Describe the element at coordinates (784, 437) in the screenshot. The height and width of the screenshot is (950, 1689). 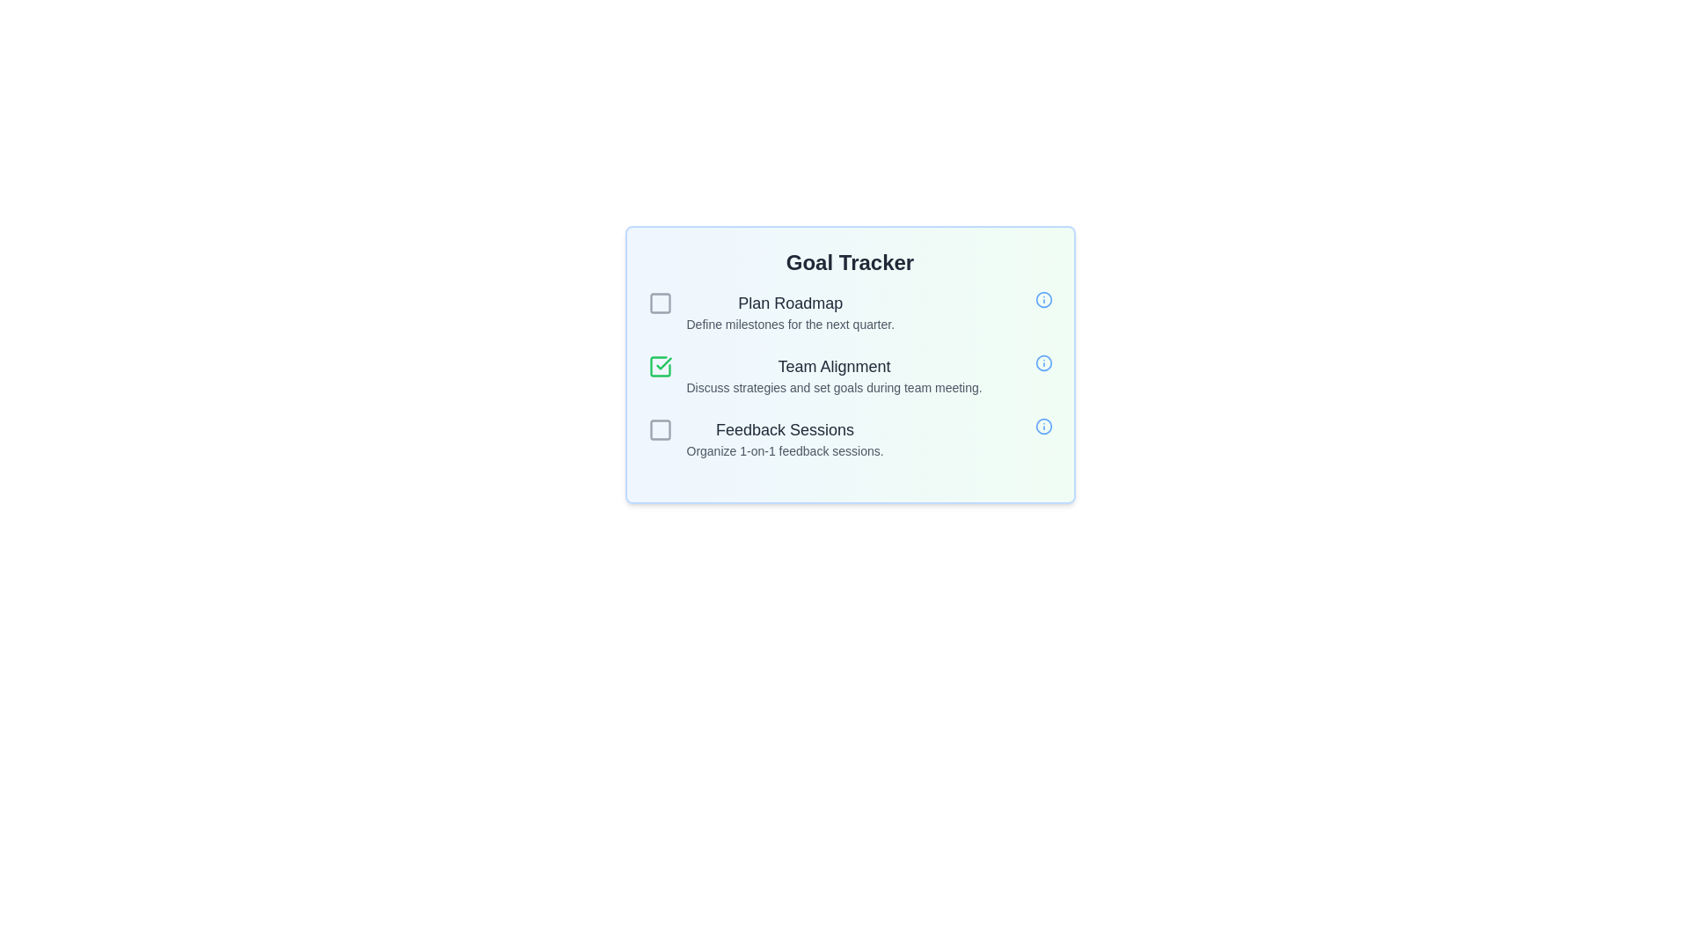
I see `the 'Feedback Sessions' text element, which consists of two lines of text, with the upper line in a larger, darker font and the lower line in a smaller, lighter font, located in the Goal Tracker section` at that location.